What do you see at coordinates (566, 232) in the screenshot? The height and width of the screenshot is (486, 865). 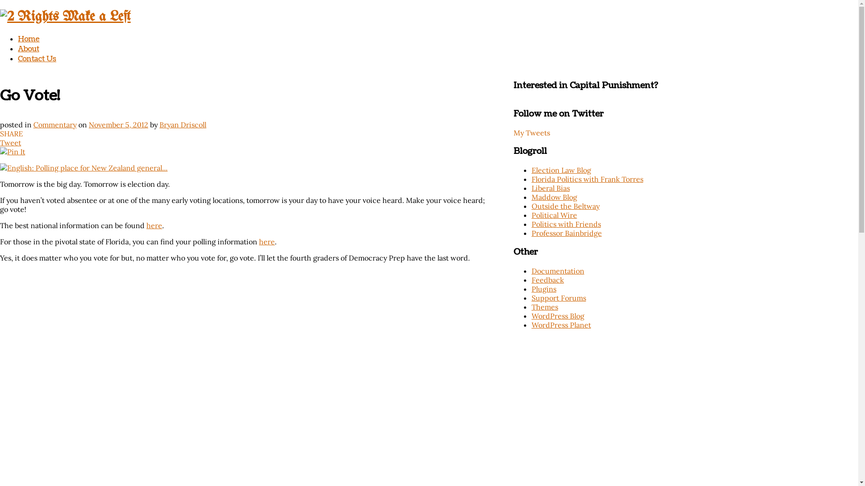 I see `'Professor Bainbridge'` at bounding box center [566, 232].